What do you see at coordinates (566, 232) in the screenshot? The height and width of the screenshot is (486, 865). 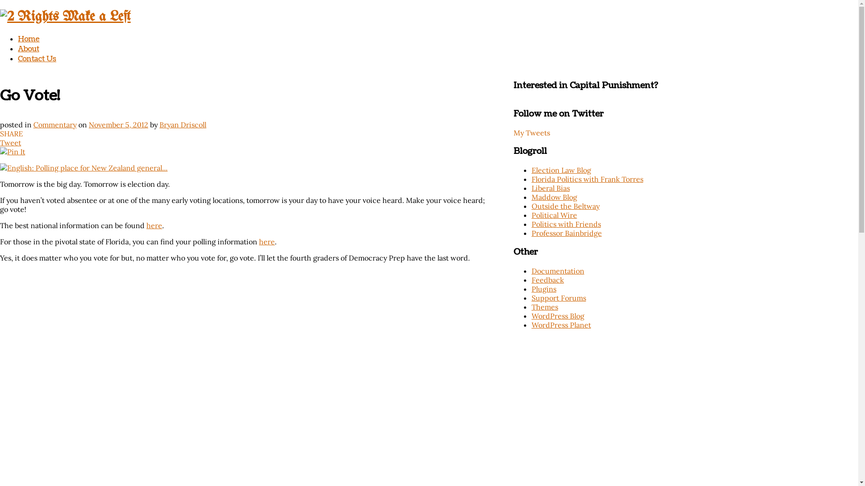 I see `'Professor Bainbridge'` at bounding box center [566, 232].